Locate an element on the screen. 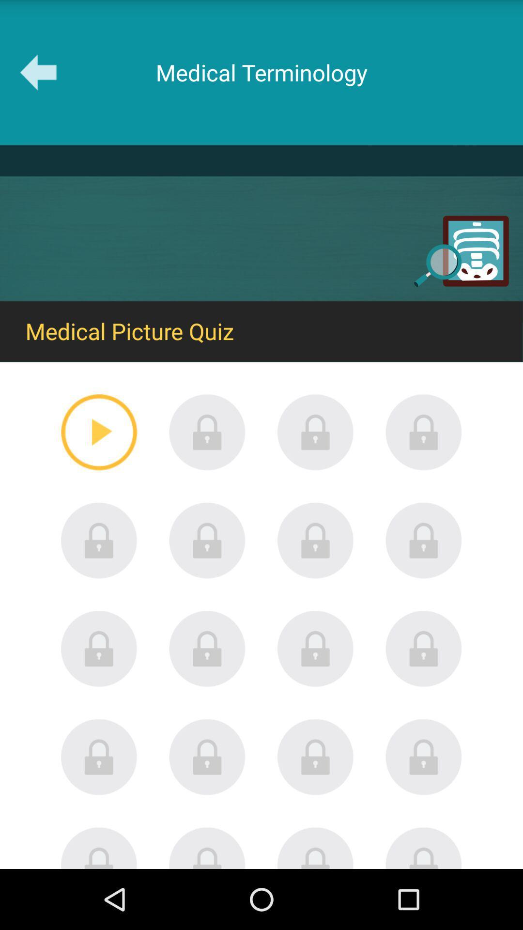 The height and width of the screenshot is (930, 523). the lock icon is located at coordinates (99, 578).